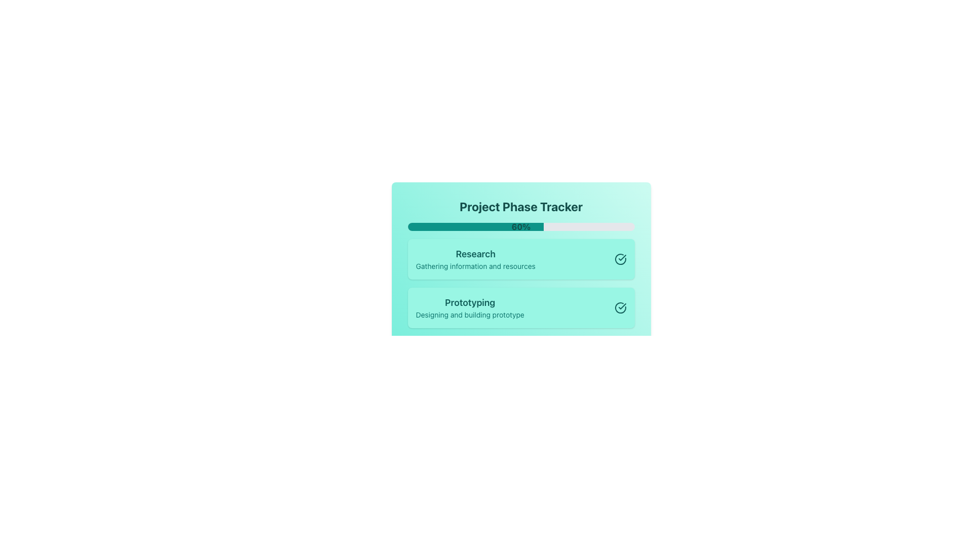  I want to click on the progress indicator bar that visually represents 60% completion, located at the top section of the card, below the title, so click(475, 226).